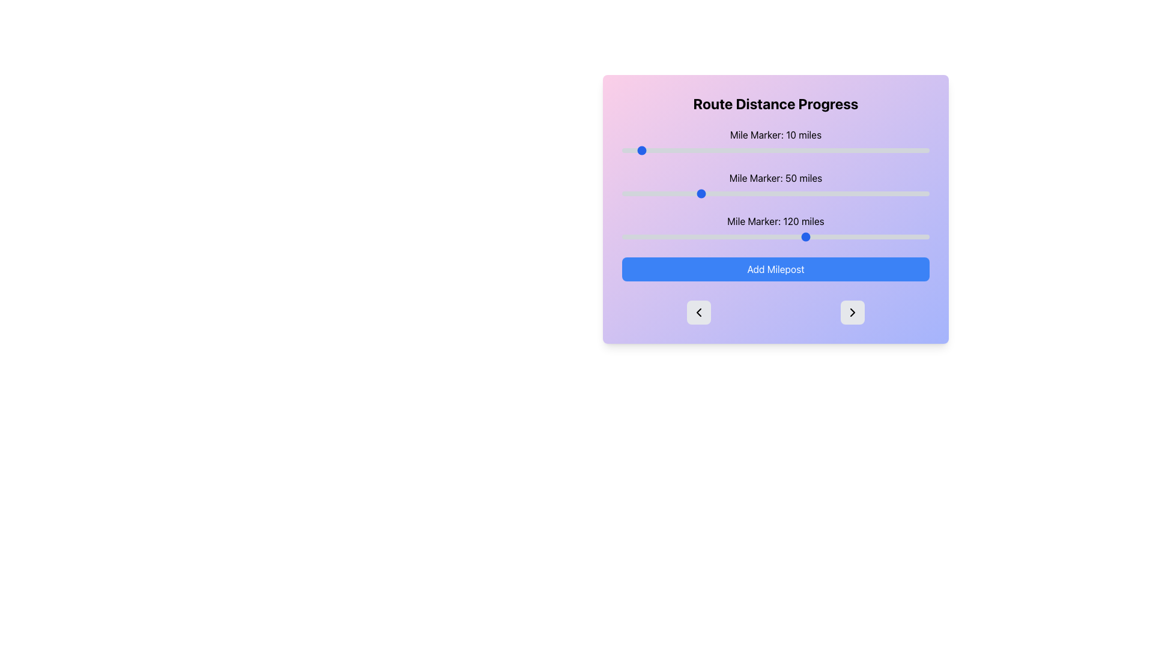 The height and width of the screenshot is (648, 1153). What do you see at coordinates (856, 236) in the screenshot?
I see `the mile marker` at bounding box center [856, 236].